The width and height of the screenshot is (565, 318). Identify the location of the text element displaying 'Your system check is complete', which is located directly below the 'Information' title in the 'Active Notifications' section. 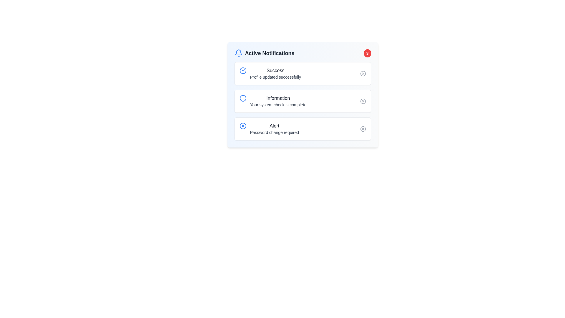
(278, 104).